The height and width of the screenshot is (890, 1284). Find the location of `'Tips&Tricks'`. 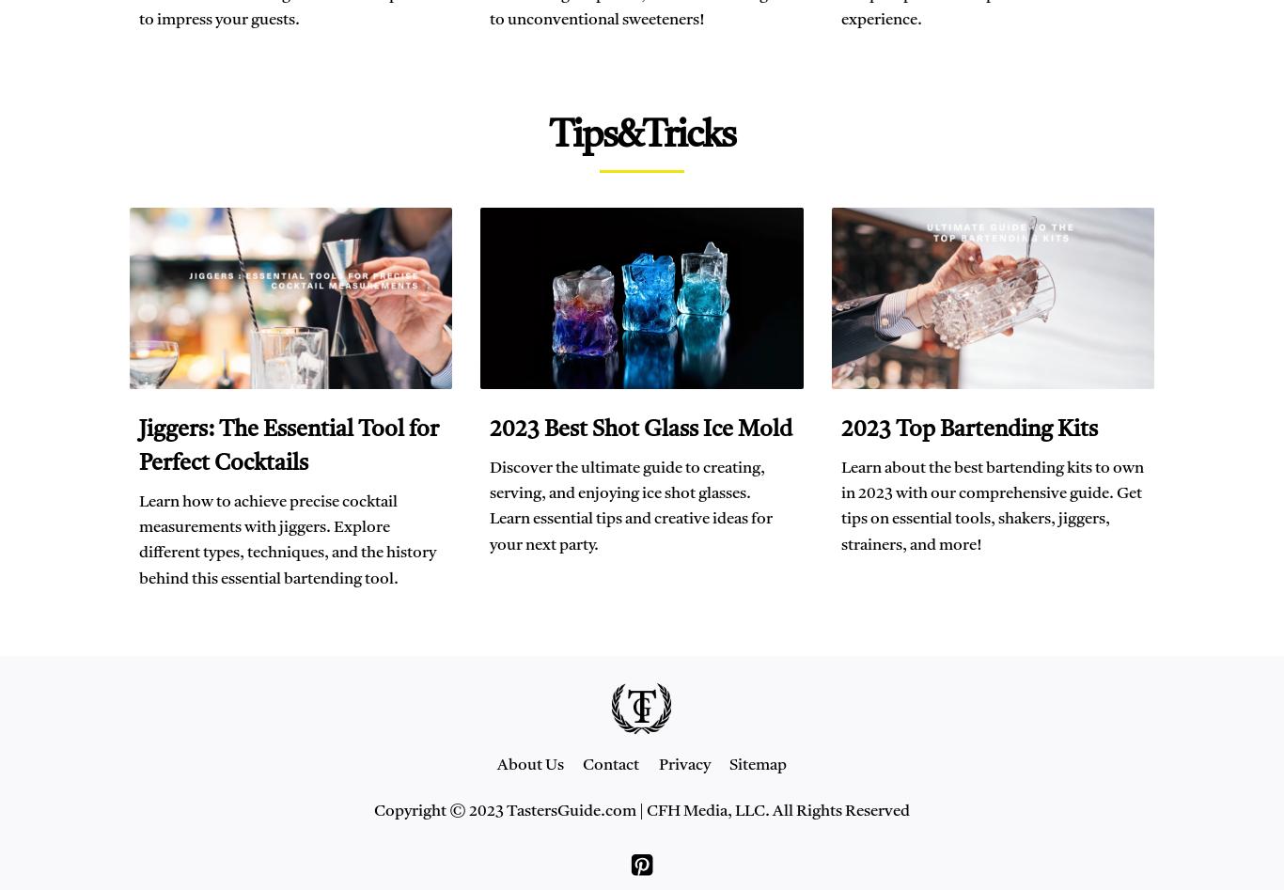

'Tips&Tricks' is located at coordinates (642, 134).